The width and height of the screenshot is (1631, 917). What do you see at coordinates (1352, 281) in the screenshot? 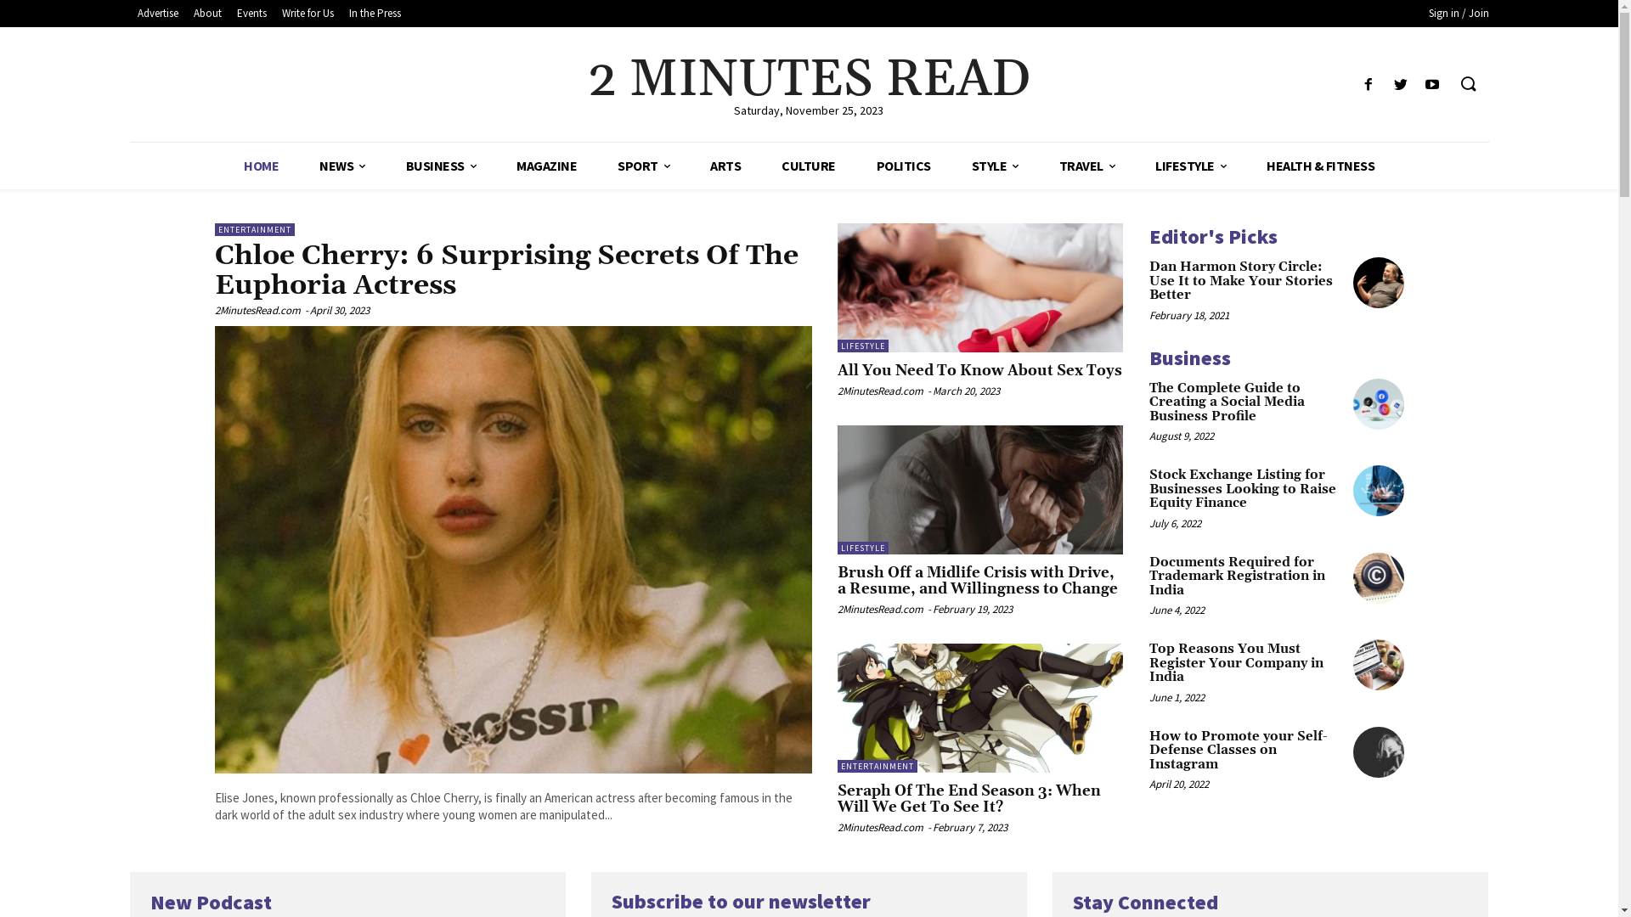
I see `'Dan Harmon Story Circle: Use It to Make Your Stories Better'` at bounding box center [1352, 281].